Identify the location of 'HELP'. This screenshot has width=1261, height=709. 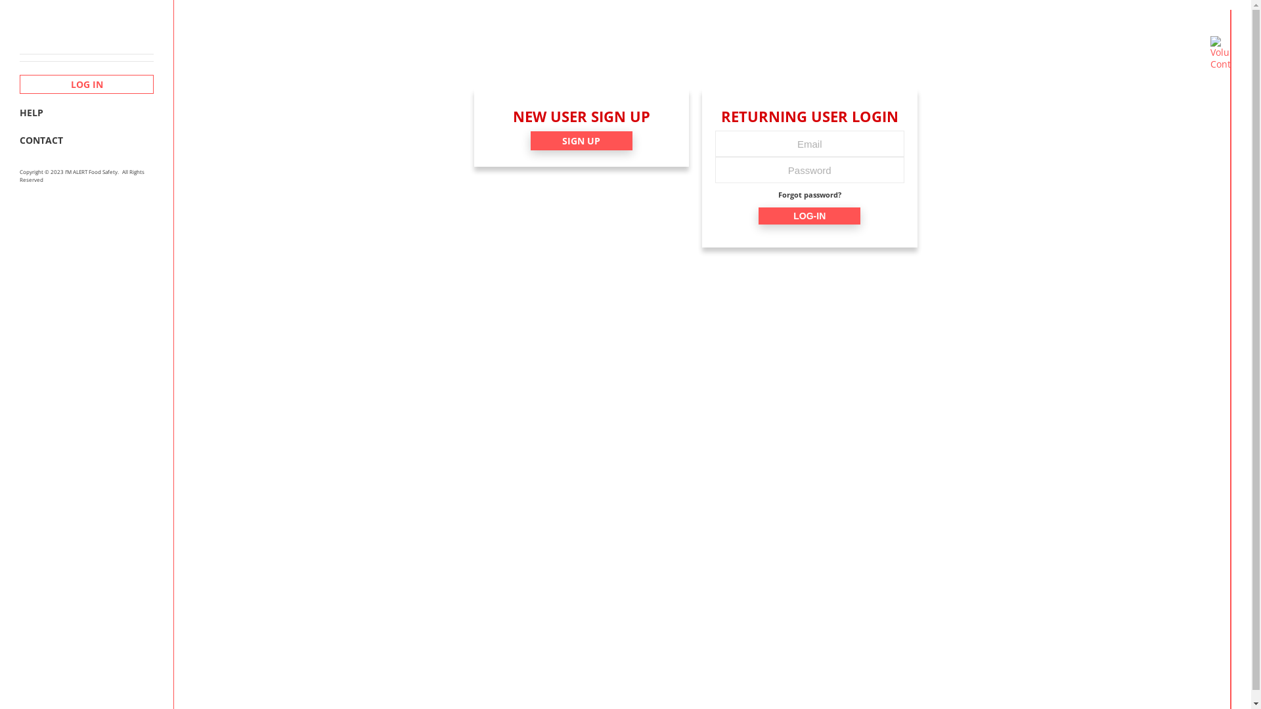
(86, 112).